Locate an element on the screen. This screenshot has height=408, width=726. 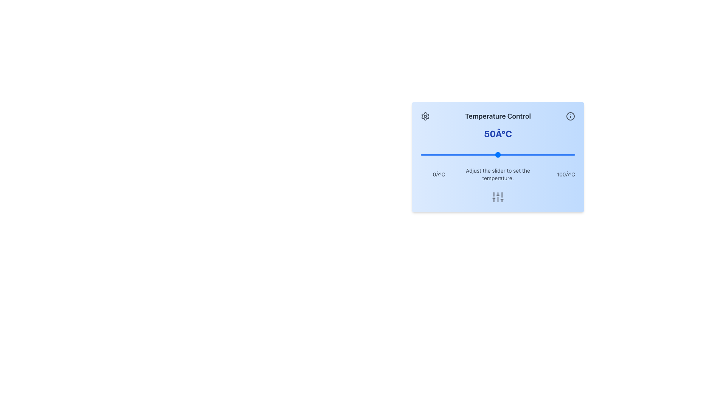
the temperature is located at coordinates (569, 154).